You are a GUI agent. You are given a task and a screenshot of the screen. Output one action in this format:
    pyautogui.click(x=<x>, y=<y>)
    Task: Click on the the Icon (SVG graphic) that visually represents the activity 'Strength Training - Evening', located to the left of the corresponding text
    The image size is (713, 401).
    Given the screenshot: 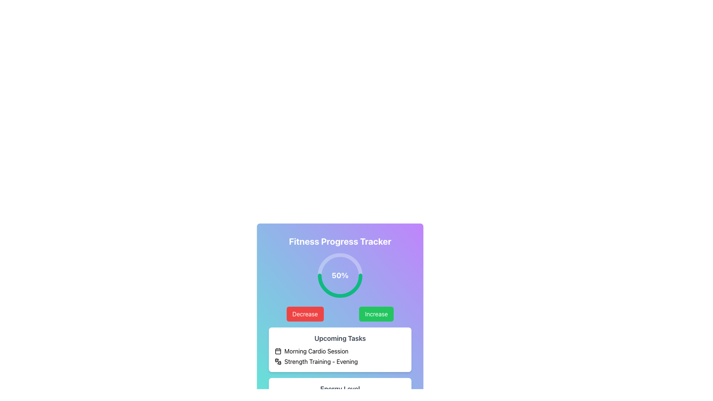 What is the action you would take?
    pyautogui.click(x=277, y=361)
    